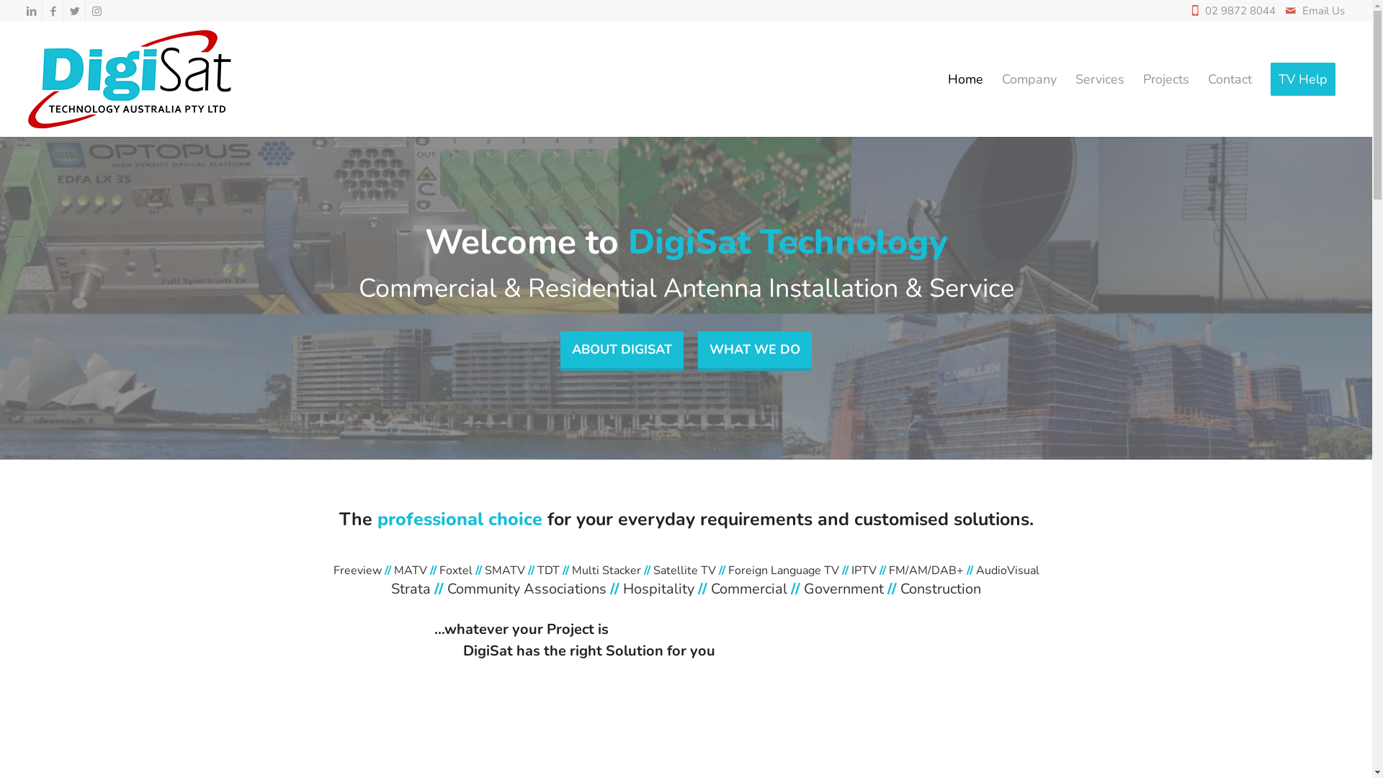 This screenshot has height=778, width=1383. What do you see at coordinates (96, 11) in the screenshot?
I see `'Instagram'` at bounding box center [96, 11].